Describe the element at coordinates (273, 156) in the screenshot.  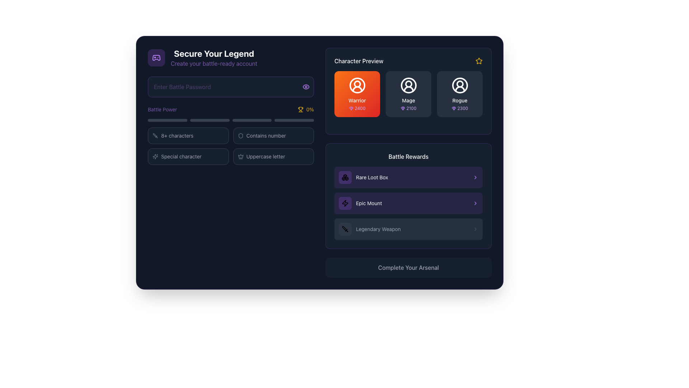
I see `the Indicator box with a dark gray background and crown icon, which contains the text 'Uppercase letter'. This box is the fourth in a grid of four, positioned in the second row and second column, to the right of the 'Special character' box and below the 'Contains number' box` at that location.